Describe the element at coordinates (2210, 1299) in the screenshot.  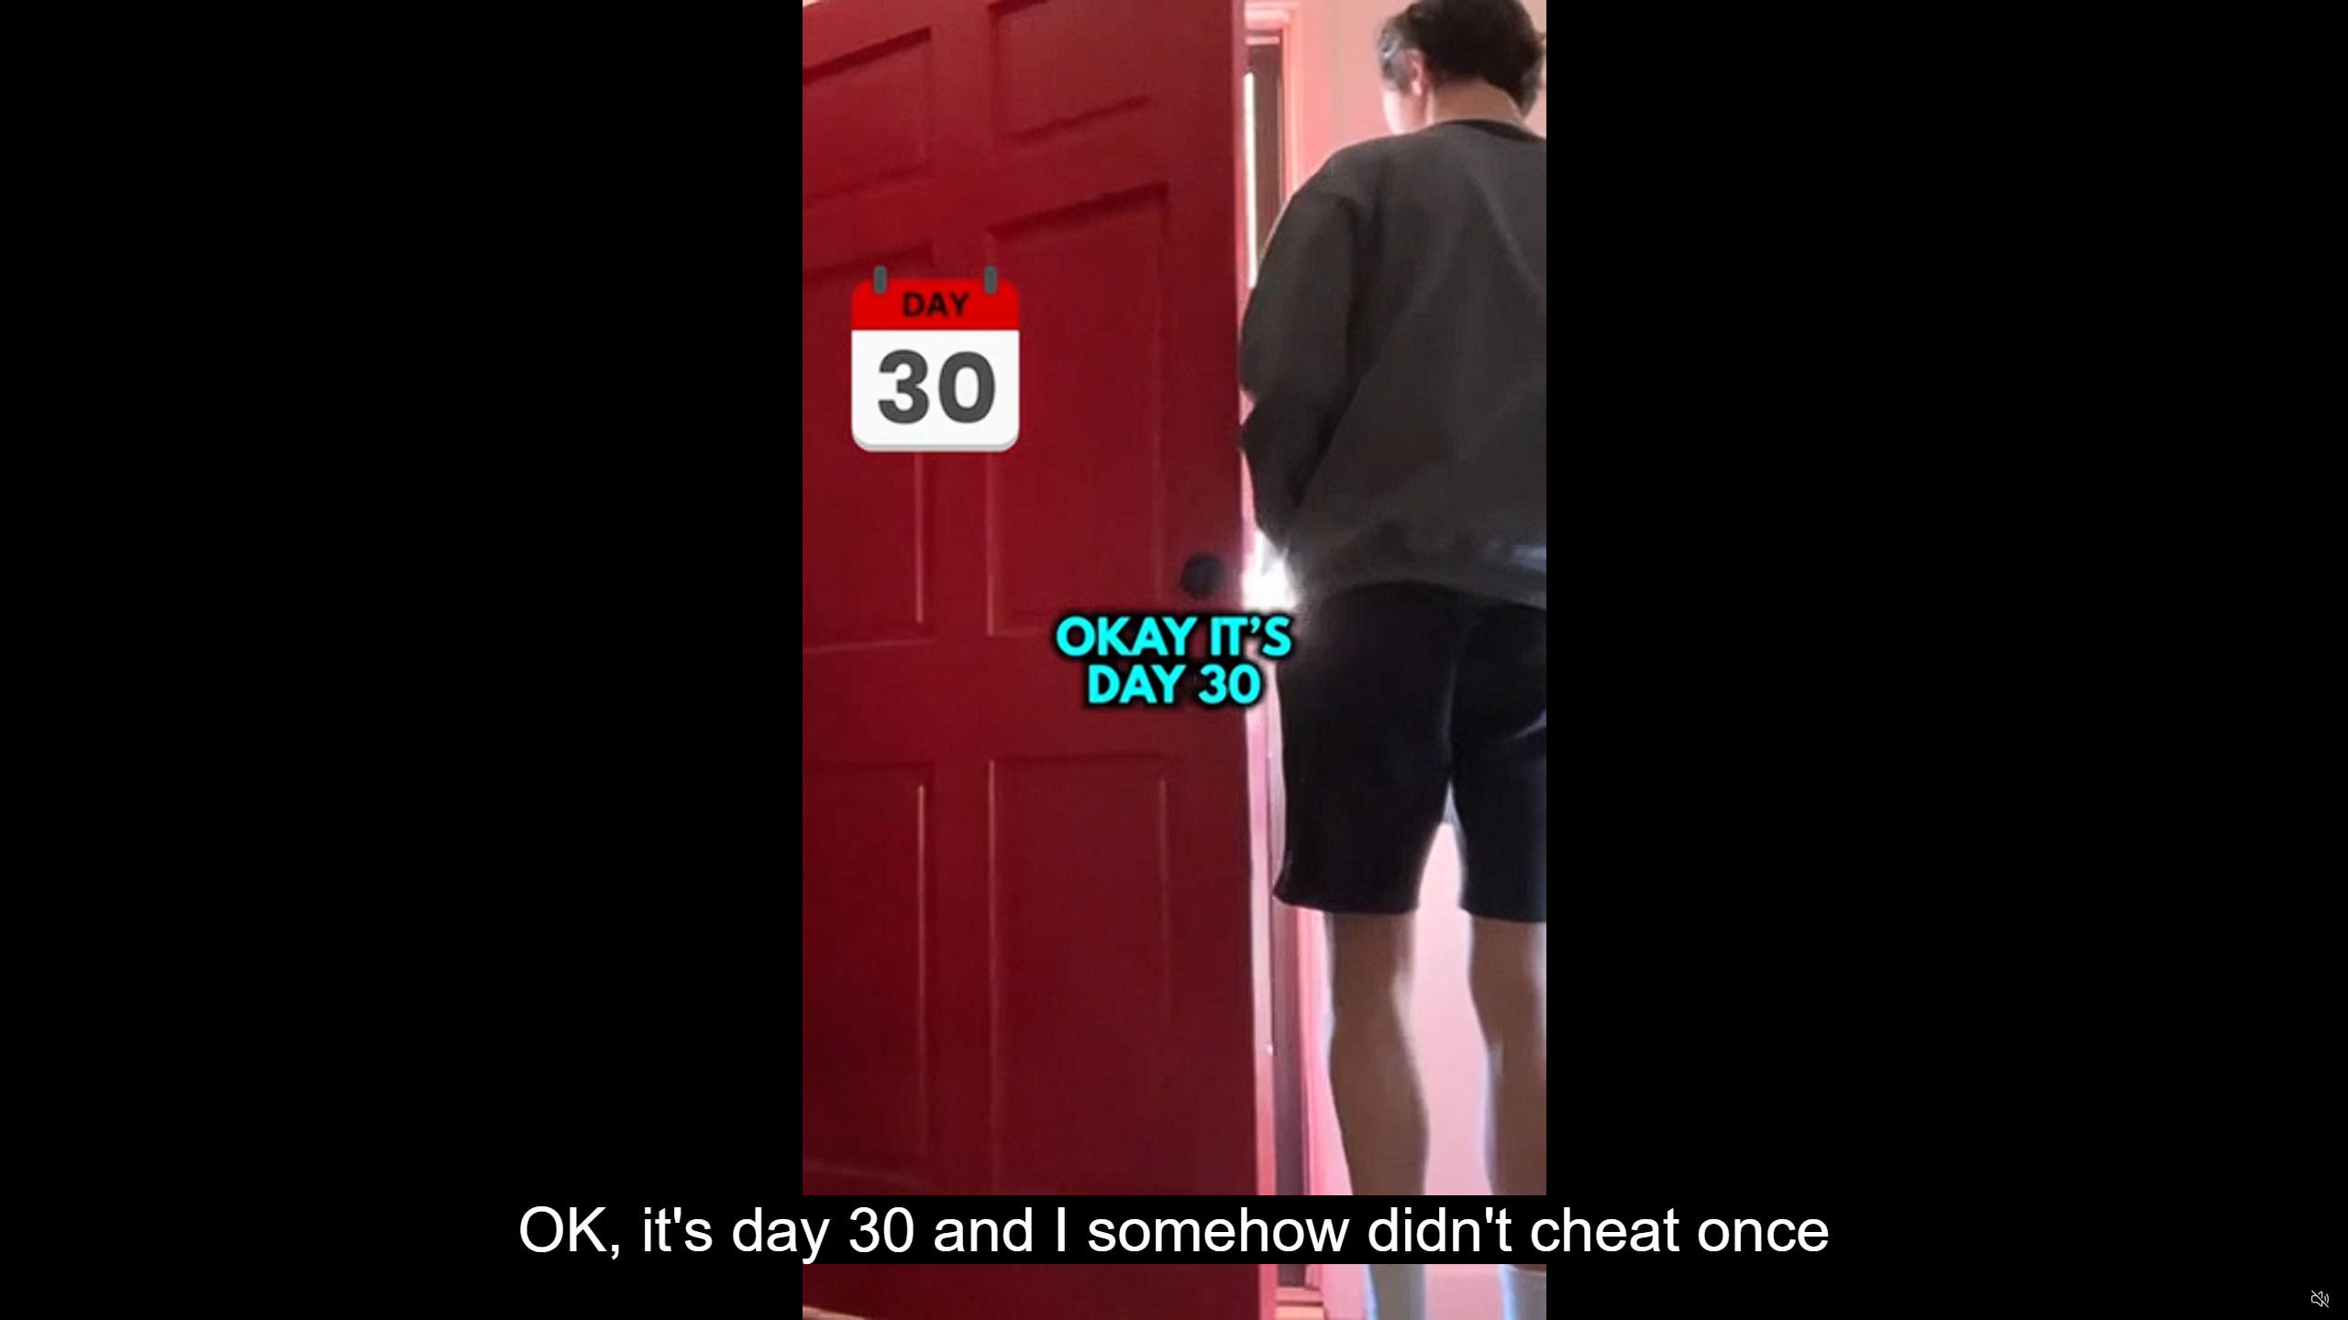
I see `'Quality Settings'` at that location.